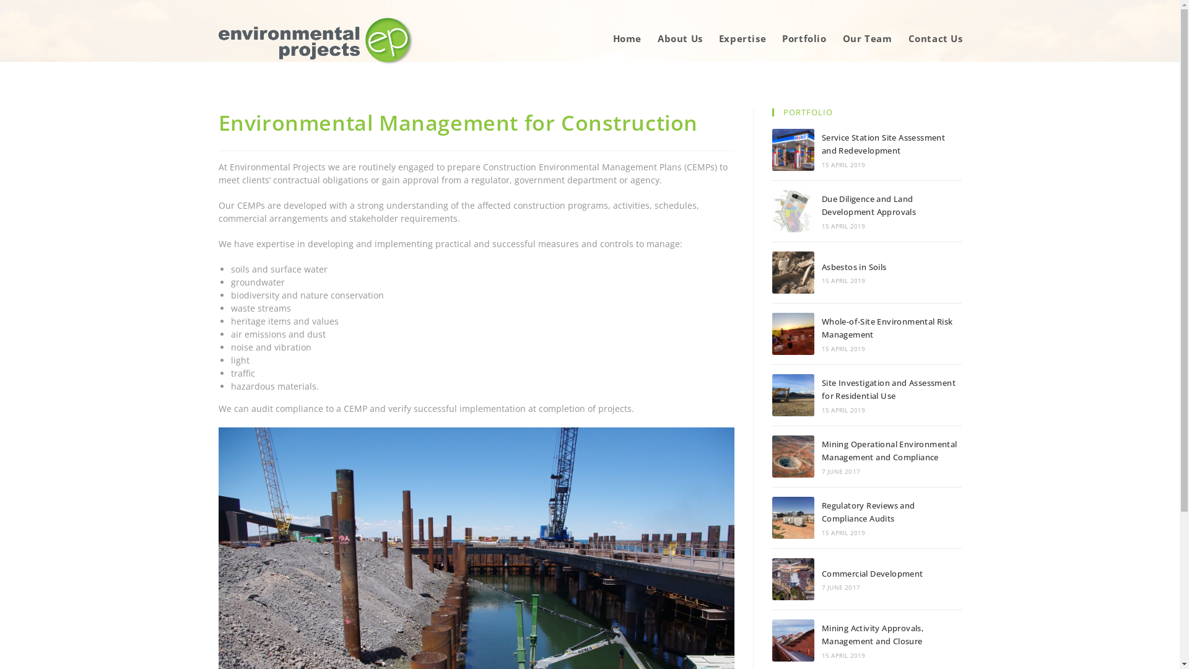  What do you see at coordinates (793, 210) in the screenshot?
I see `'Due Diligence and Land Development Approvals'` at bounding box center [793, 210].